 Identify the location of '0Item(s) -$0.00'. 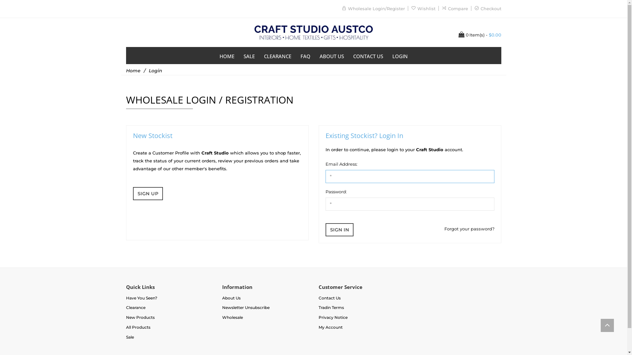
(480, 35).